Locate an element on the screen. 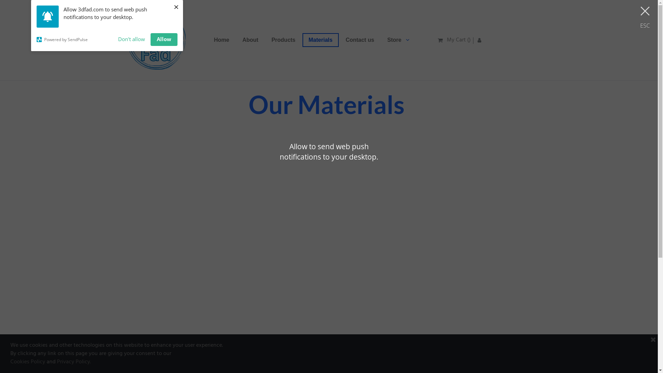 This screenshot has height=373, width=663. 'Home' is located at coordinates (222, 40).